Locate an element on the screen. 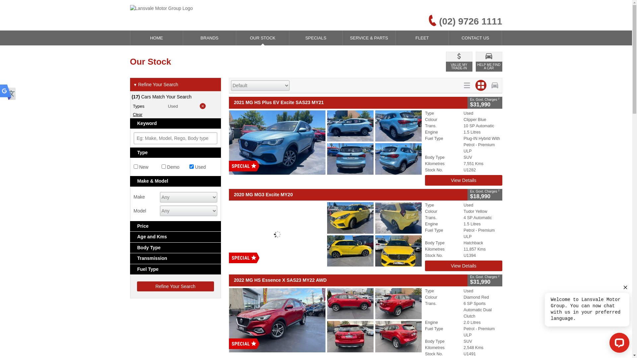  'HOME' is located at coordinates (130, 38).